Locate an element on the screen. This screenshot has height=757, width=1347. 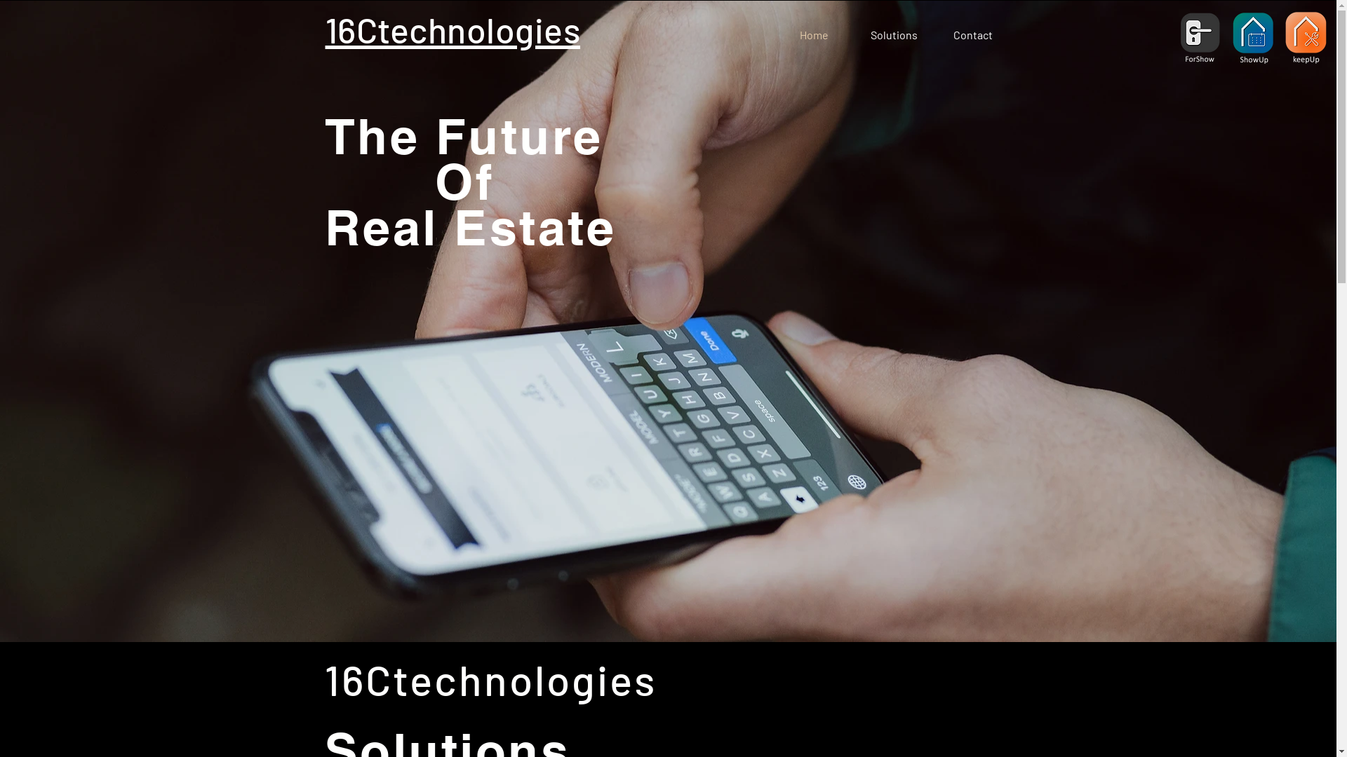
'keepup logo.png' is located at coordinates (1306, 34).